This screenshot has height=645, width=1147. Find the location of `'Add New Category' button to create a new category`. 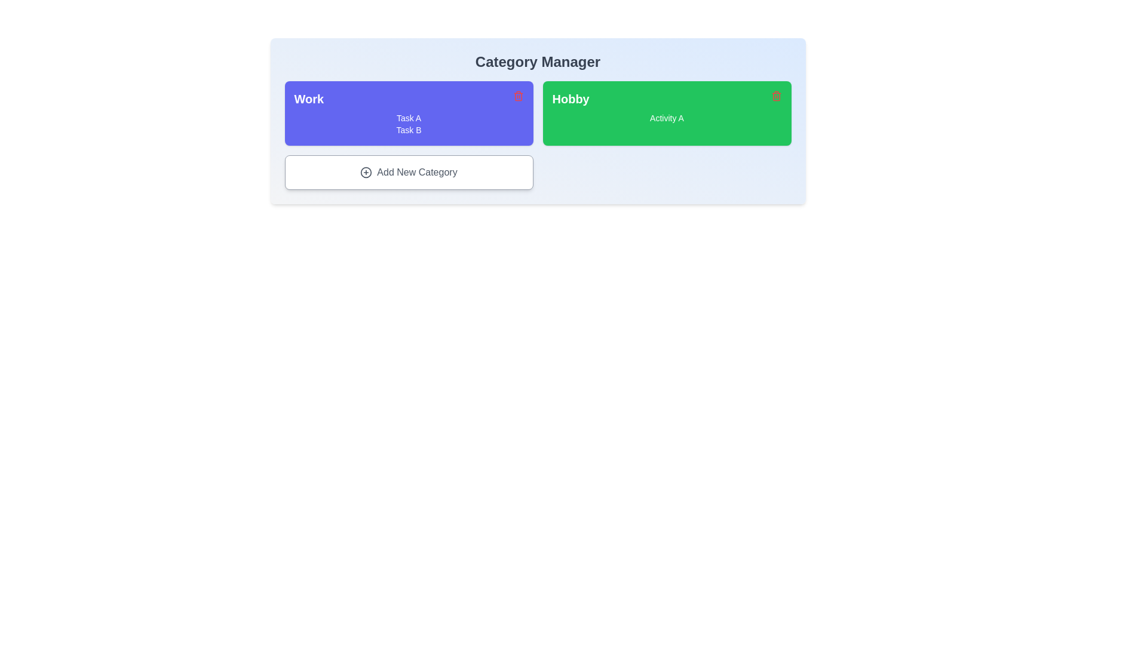

'Add New Category' button to create a new category is located at coordinates (409, 173).